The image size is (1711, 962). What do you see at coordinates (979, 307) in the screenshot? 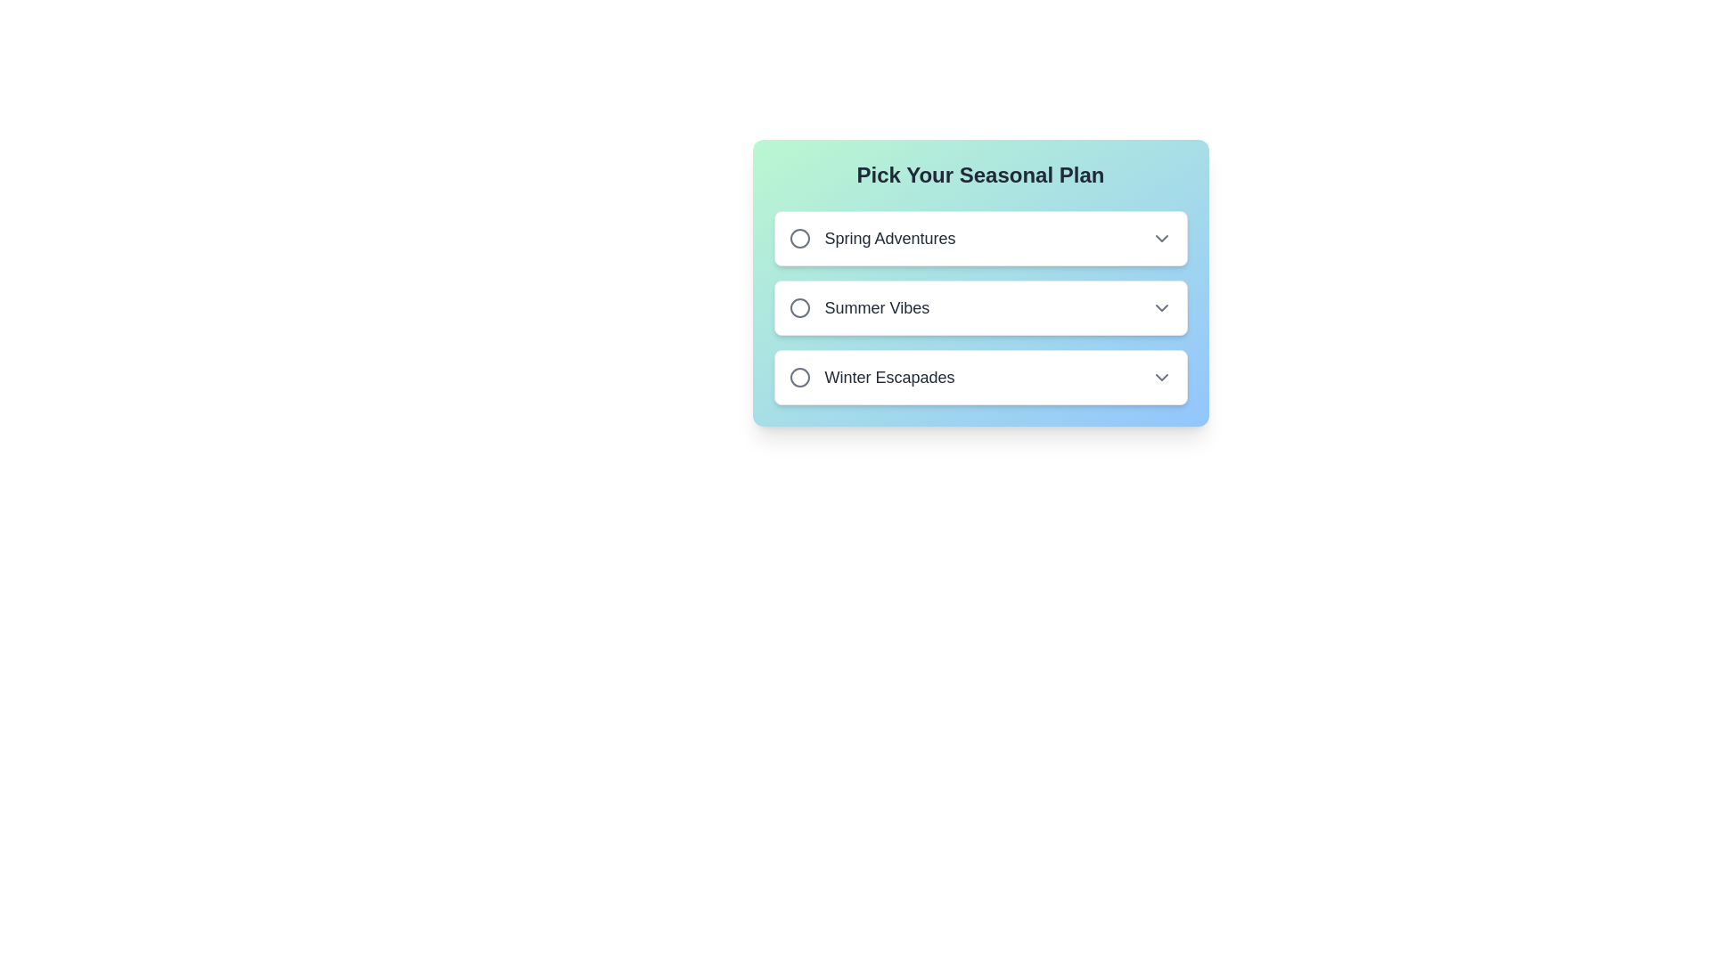
I see `the middle item in the 'Pick Your Seasonal Plan' dropdown menu option card` at bounding box center [979, 307].